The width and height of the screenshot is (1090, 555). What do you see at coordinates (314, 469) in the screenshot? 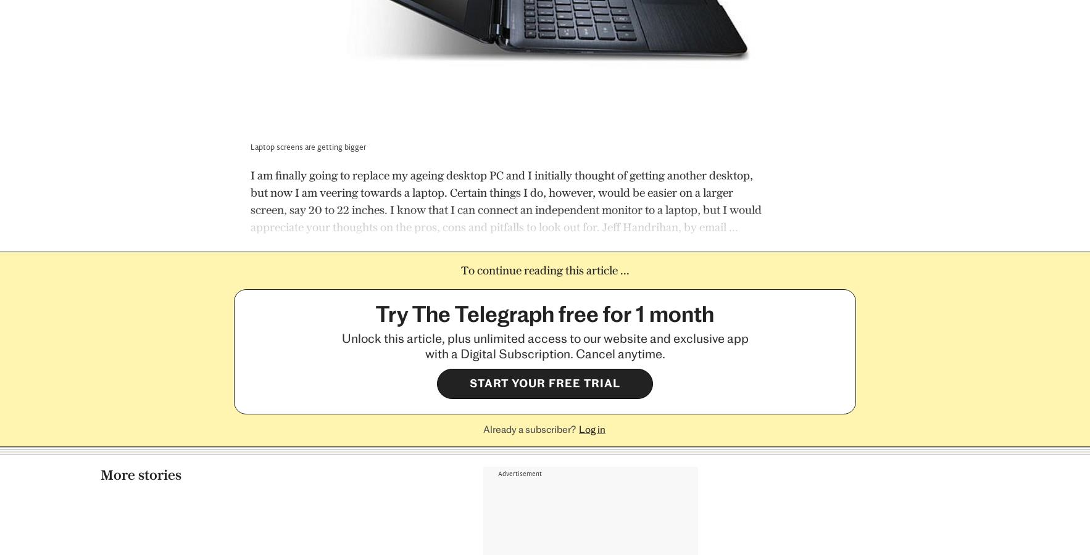
I see `'Li Keqiang, former Chinese premier, dies aged 68'` at bounding box center [314, 469].